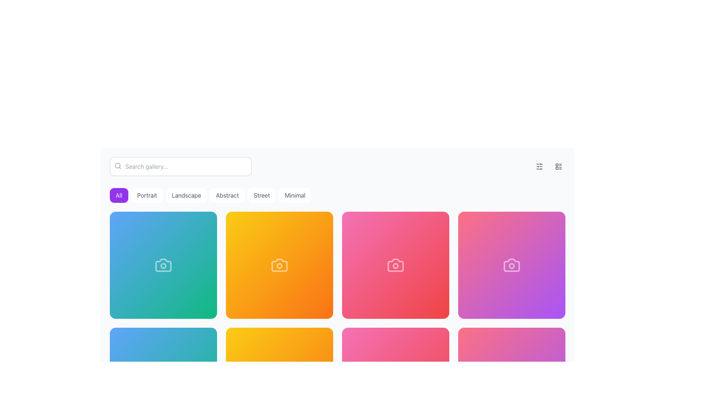 The width and height of the screenshot is (710, 399). What do you see at coordinates (279, 265) in the screenshot?
I see `the camera icon, which is a white SVG-based icon with a modern outline design located in the second tile of the first row in the gallery view` at bounding box center [279, 265].